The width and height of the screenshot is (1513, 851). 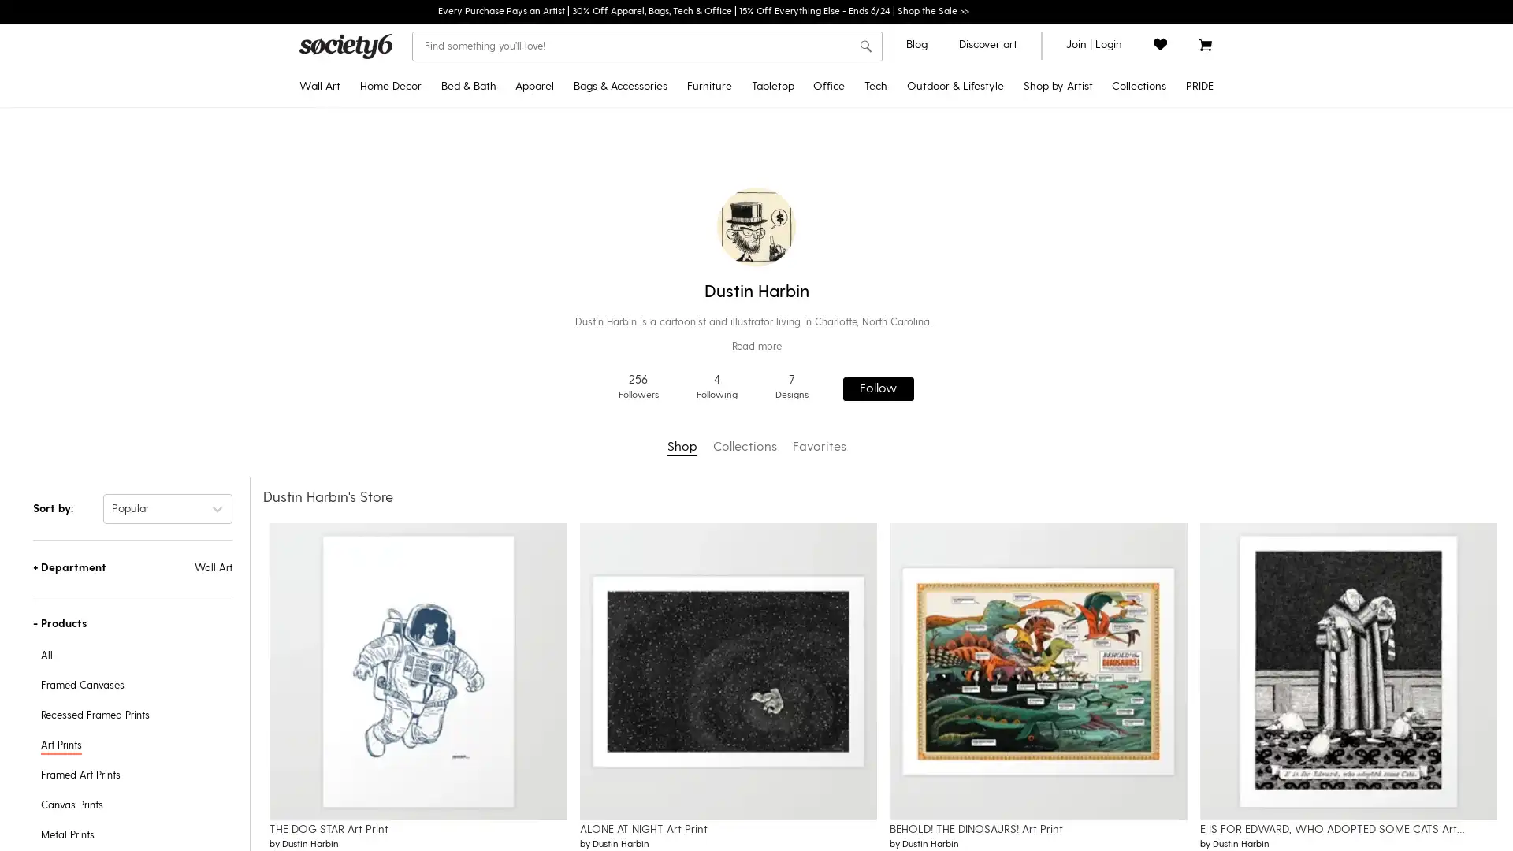 What do you see at coordinates (931, 228) in the screenshot?
I see `iPhone Card Cases` at bounding box center [931, 228].